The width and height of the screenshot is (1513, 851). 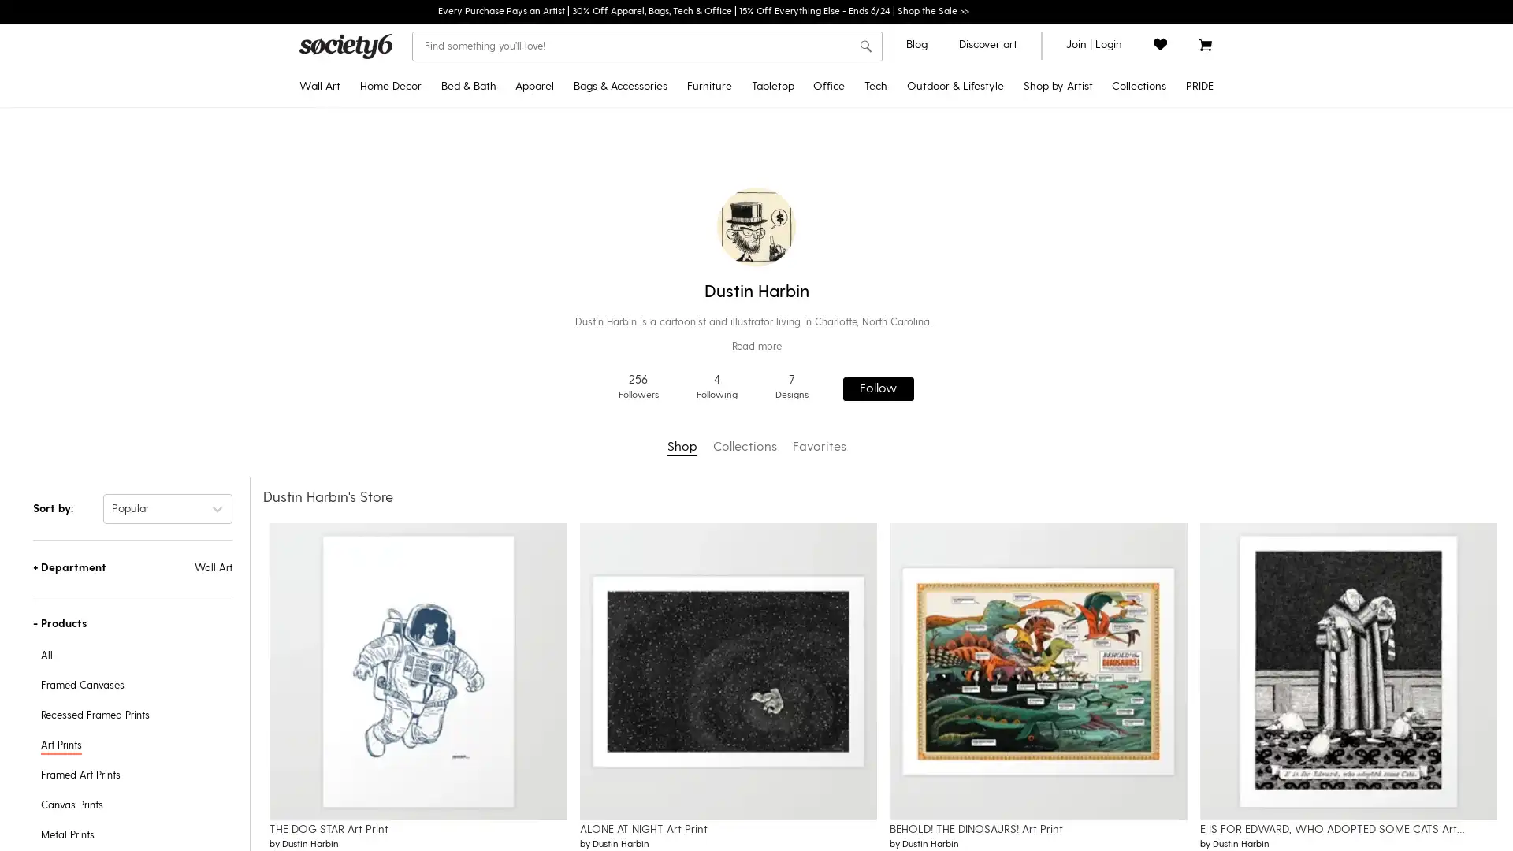 What do you see at coordinates (931, 228) in the screenshot?
I see `iPhone Card Cases` at bounding box center [931, 228].